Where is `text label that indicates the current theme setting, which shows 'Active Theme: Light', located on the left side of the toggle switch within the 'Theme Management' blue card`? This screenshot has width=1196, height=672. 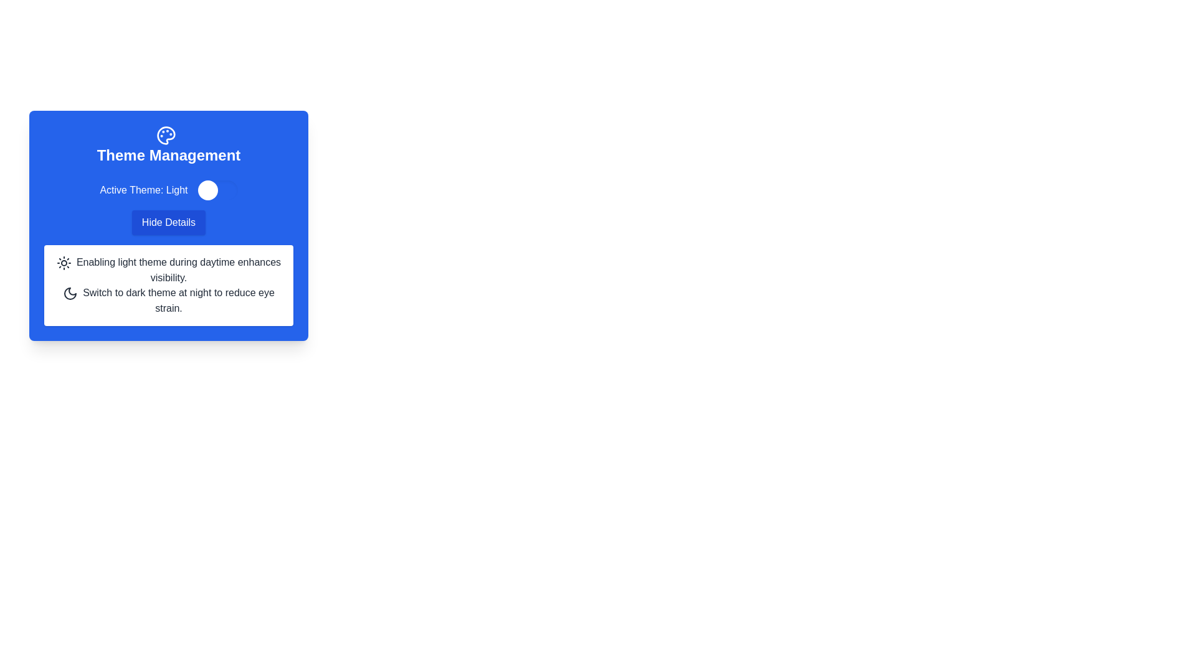
text label that indicates the current theme setting, which shows 'Active Theme: Light', located on the left side of the toggle switch within the 'Theme Management' blue card is located at coordinates (143, 190).